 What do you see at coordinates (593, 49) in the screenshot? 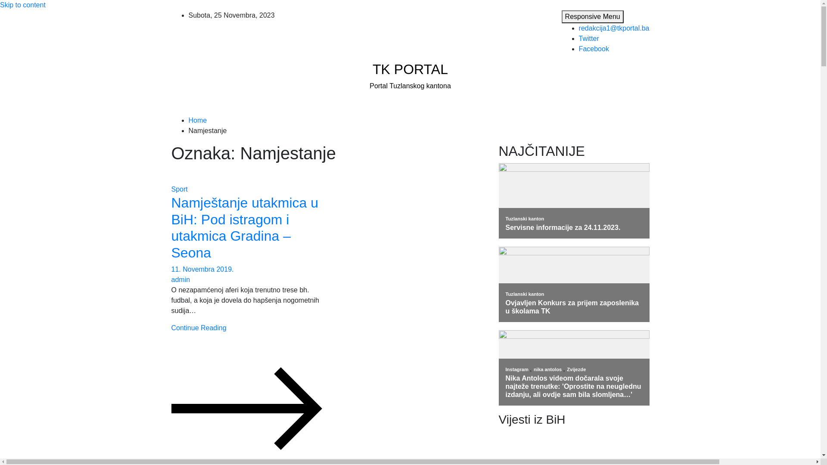
I see `'Facebook'` at bounding box center [593, 49].